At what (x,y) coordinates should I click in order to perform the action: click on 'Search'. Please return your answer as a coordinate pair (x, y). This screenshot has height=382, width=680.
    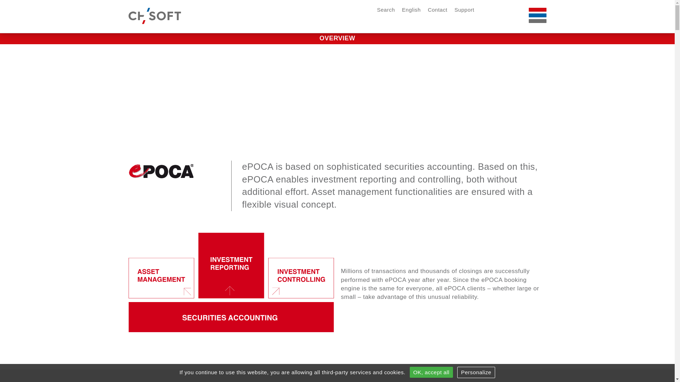
    Looking at the image, I should click on (385, 10).